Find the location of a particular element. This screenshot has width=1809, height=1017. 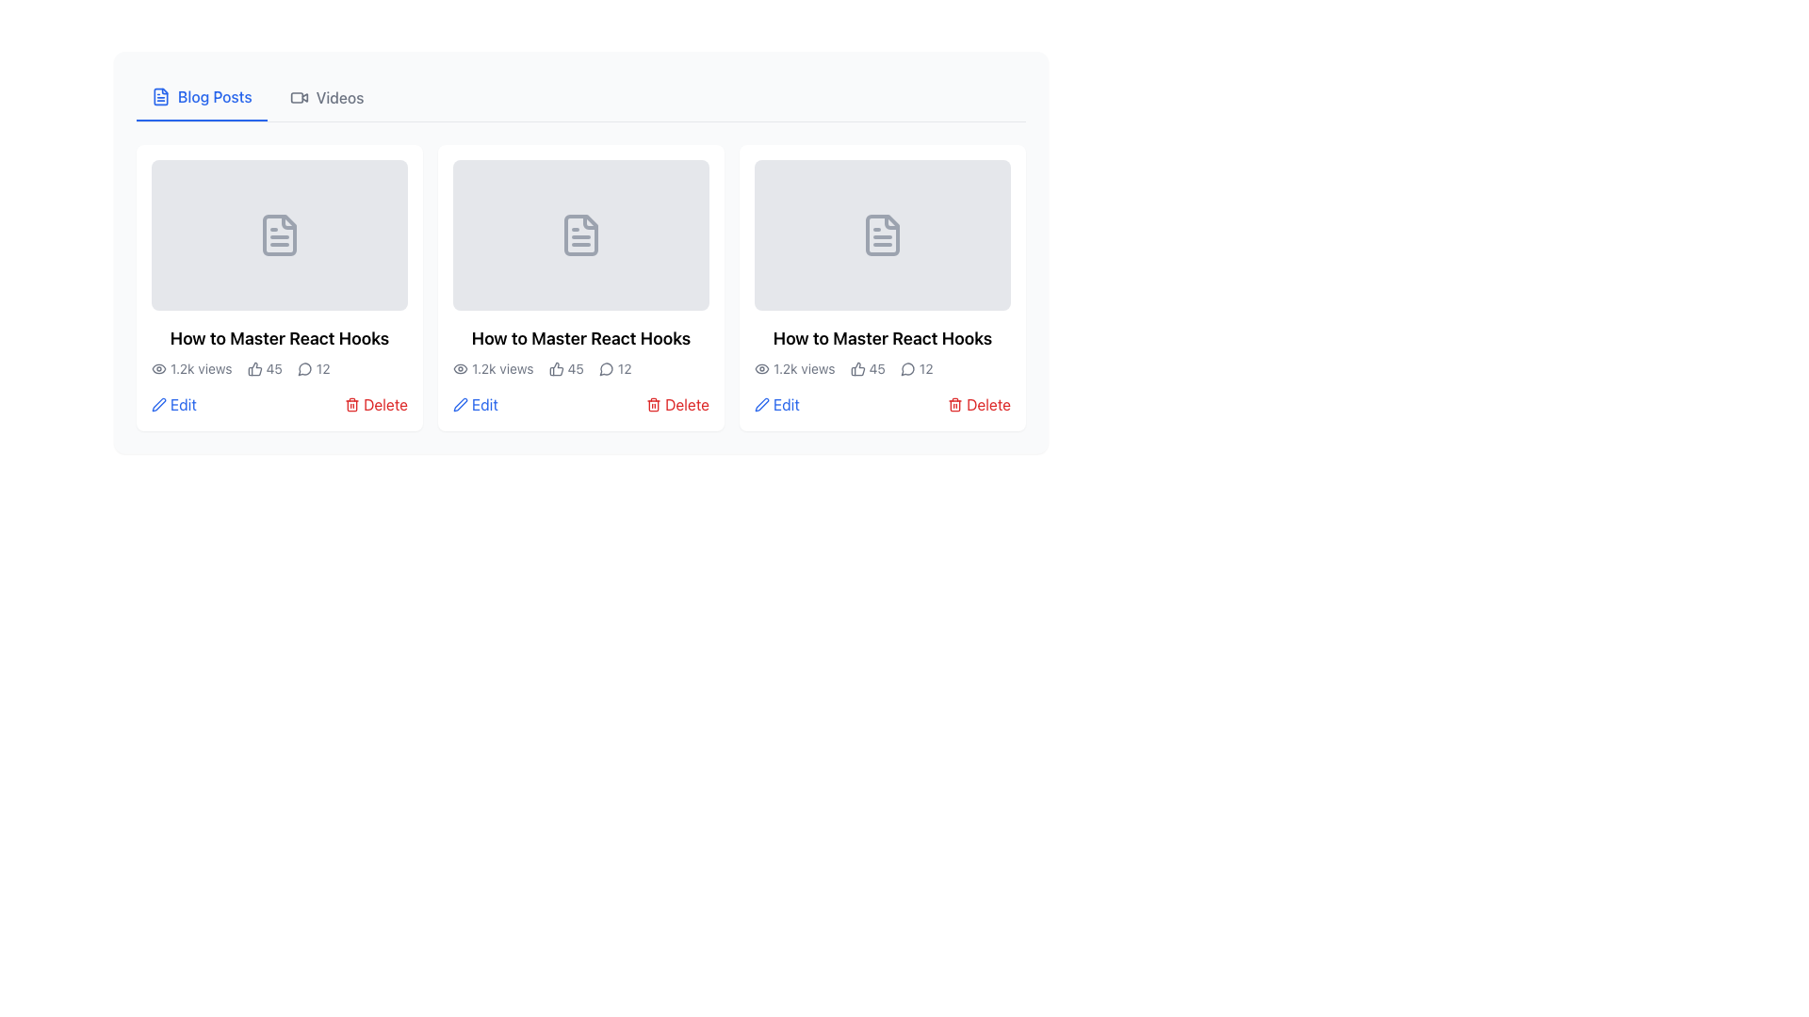

the 'Edit' icon located to the left of the 'Edit' text, which is below the first tile in the layout is located at coordinates (158, 403).